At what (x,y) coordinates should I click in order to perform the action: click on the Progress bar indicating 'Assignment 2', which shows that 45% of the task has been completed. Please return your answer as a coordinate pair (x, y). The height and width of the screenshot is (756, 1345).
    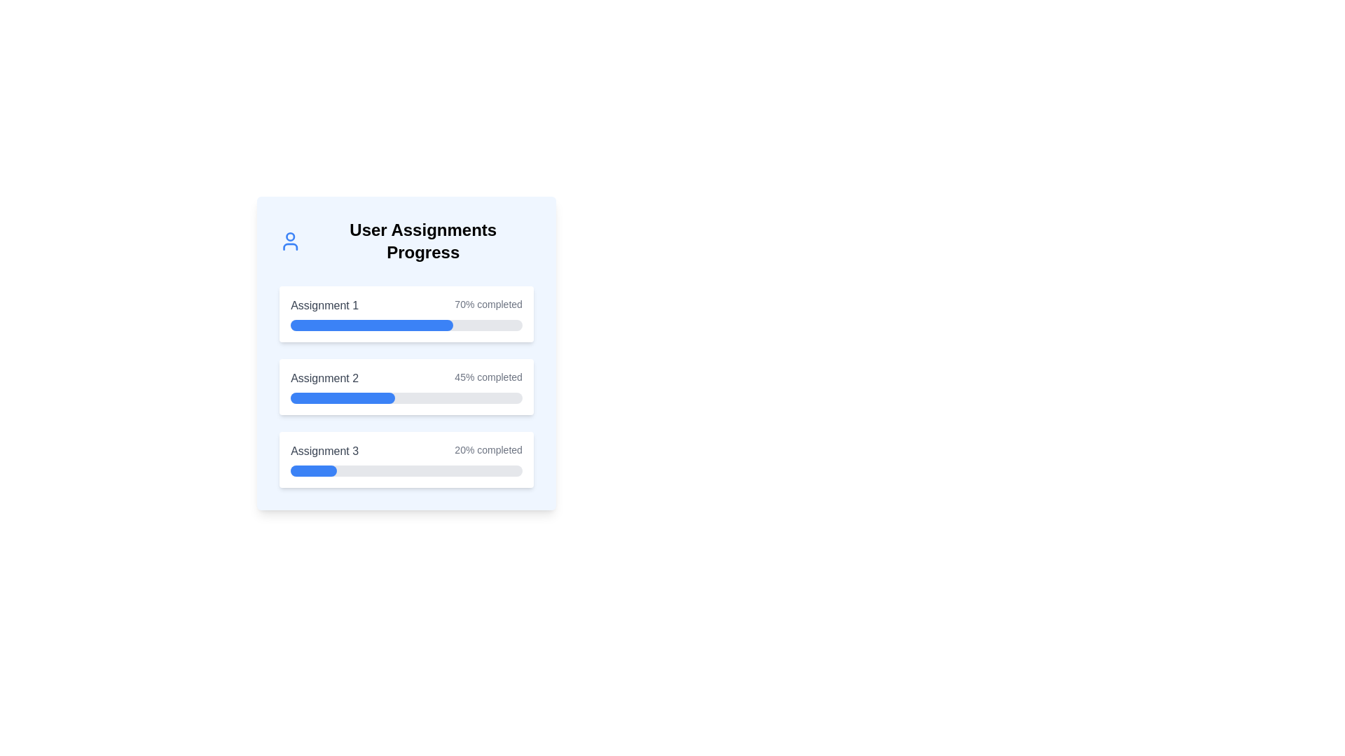
    Looking at the image, I should click on (406, 386).